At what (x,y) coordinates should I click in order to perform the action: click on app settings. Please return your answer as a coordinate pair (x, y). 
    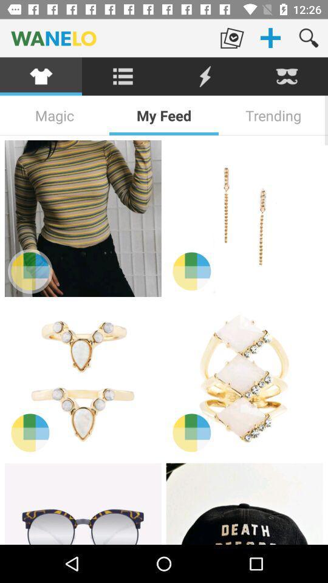
    Looking at the image, I should click on (123, 76).